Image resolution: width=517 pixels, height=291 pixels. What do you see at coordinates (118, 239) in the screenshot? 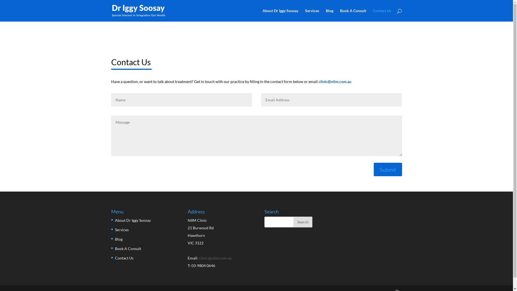
I see `'Blog'` at bounding box center [118, 239].